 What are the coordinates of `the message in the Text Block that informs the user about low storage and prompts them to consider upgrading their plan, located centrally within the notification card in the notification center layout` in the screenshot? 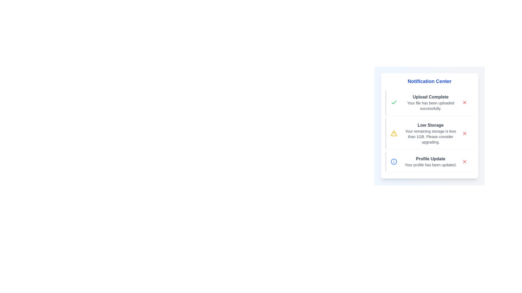 It's located at (430, 133).